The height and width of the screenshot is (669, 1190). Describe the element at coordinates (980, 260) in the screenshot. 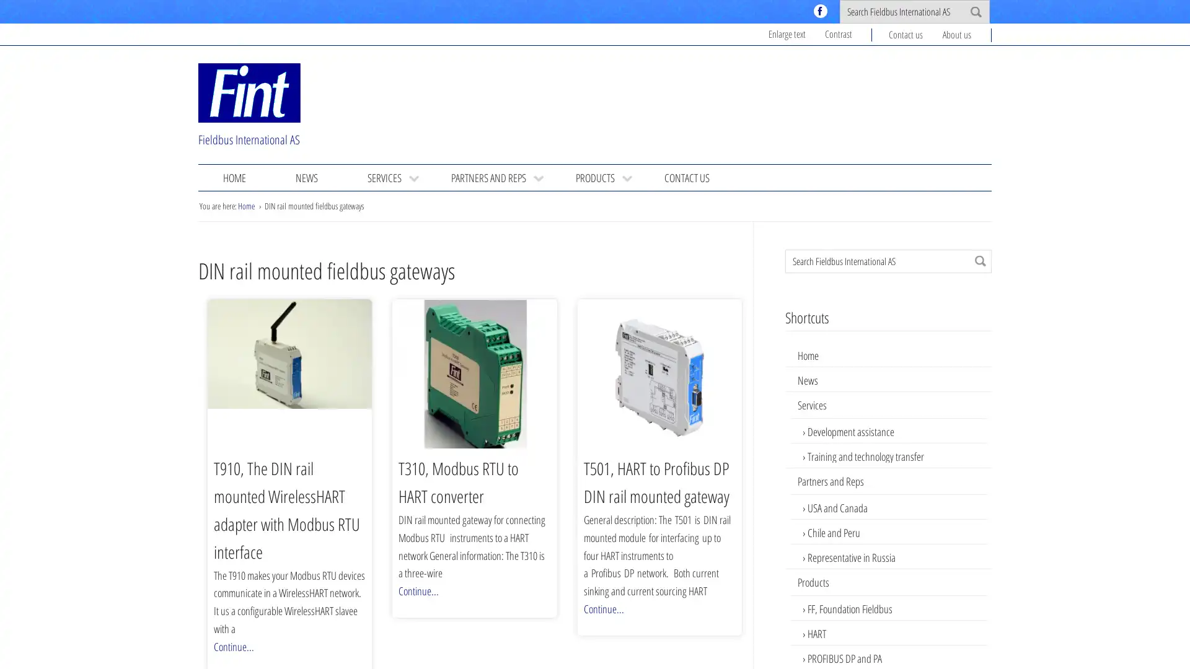

I see `Search` at that location.